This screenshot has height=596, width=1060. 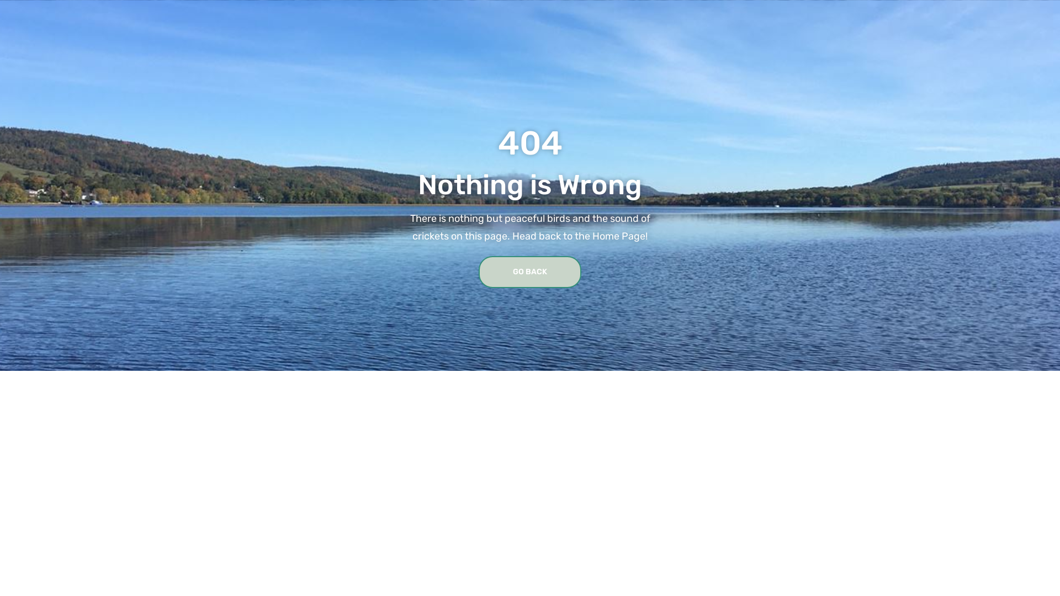 What do you see at coordinates (530, 272) in the screenshot?
I see `'GO BACK'` at bounding box center [530, 272].